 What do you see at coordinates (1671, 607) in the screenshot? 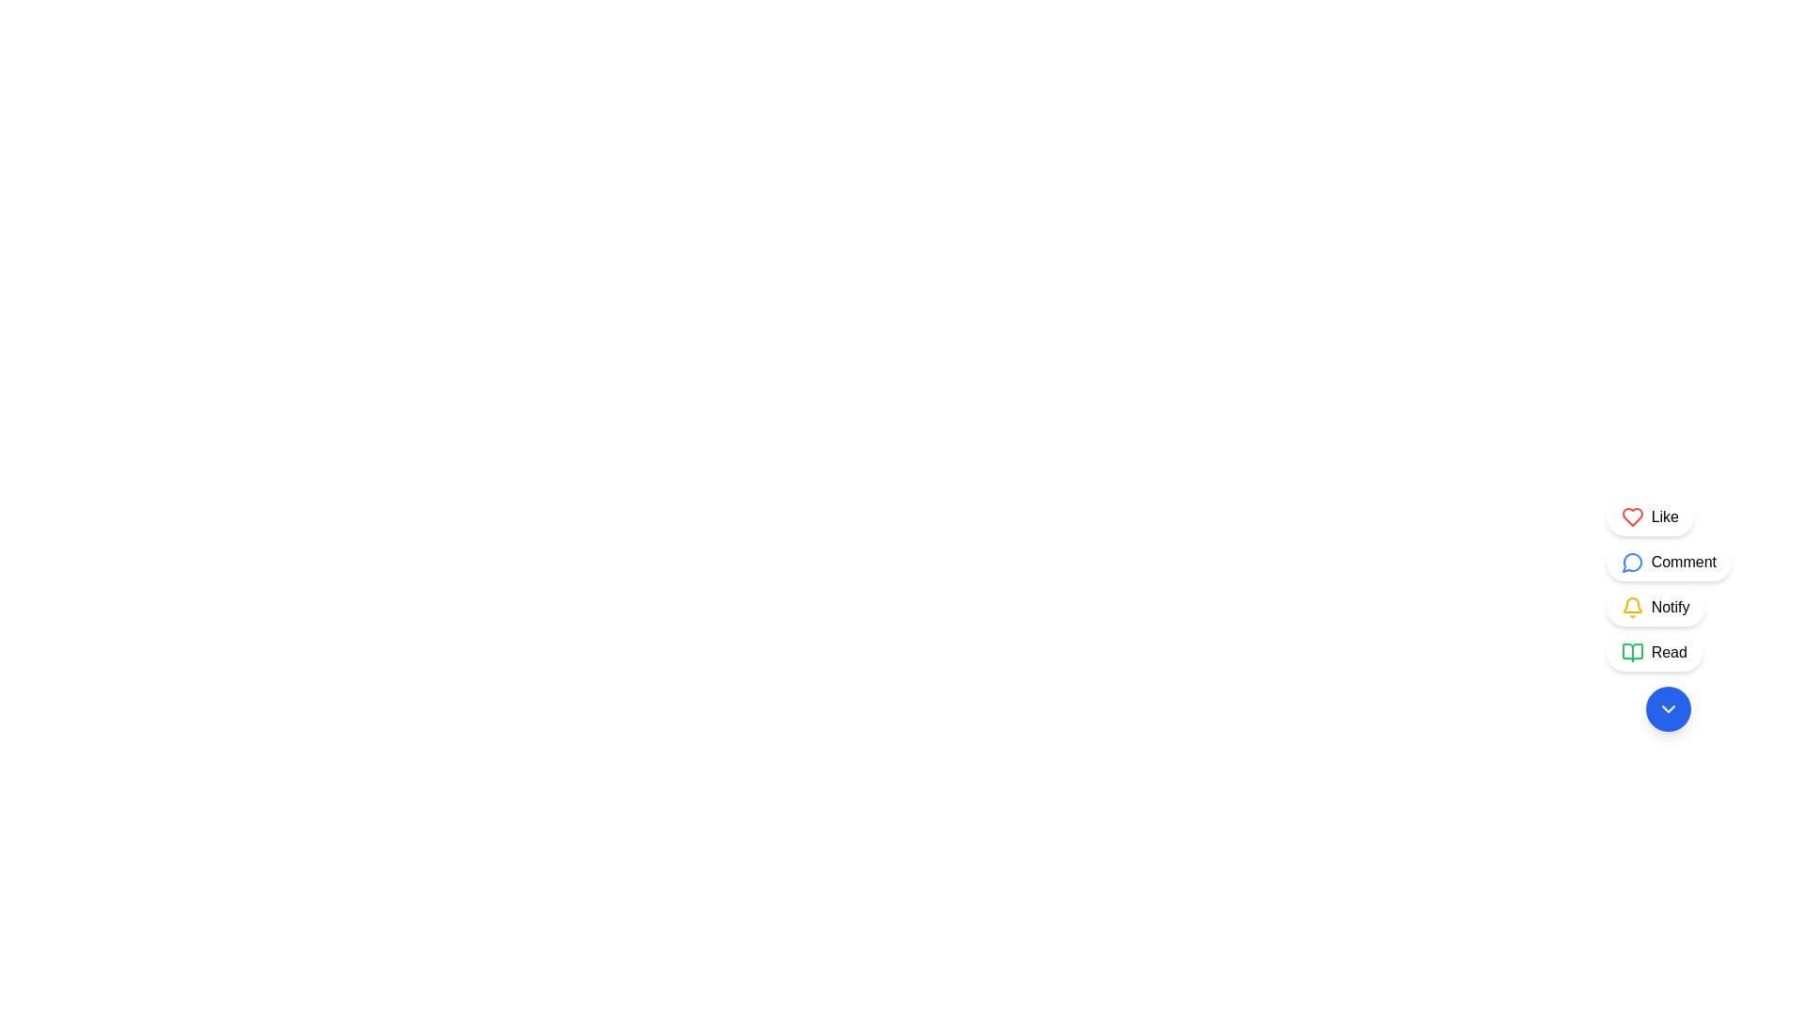
I see `the button that contains the 'Notify' text label, which is the third button in a vertical stack on the right side of the interface` at bounding box center [1671, 607].